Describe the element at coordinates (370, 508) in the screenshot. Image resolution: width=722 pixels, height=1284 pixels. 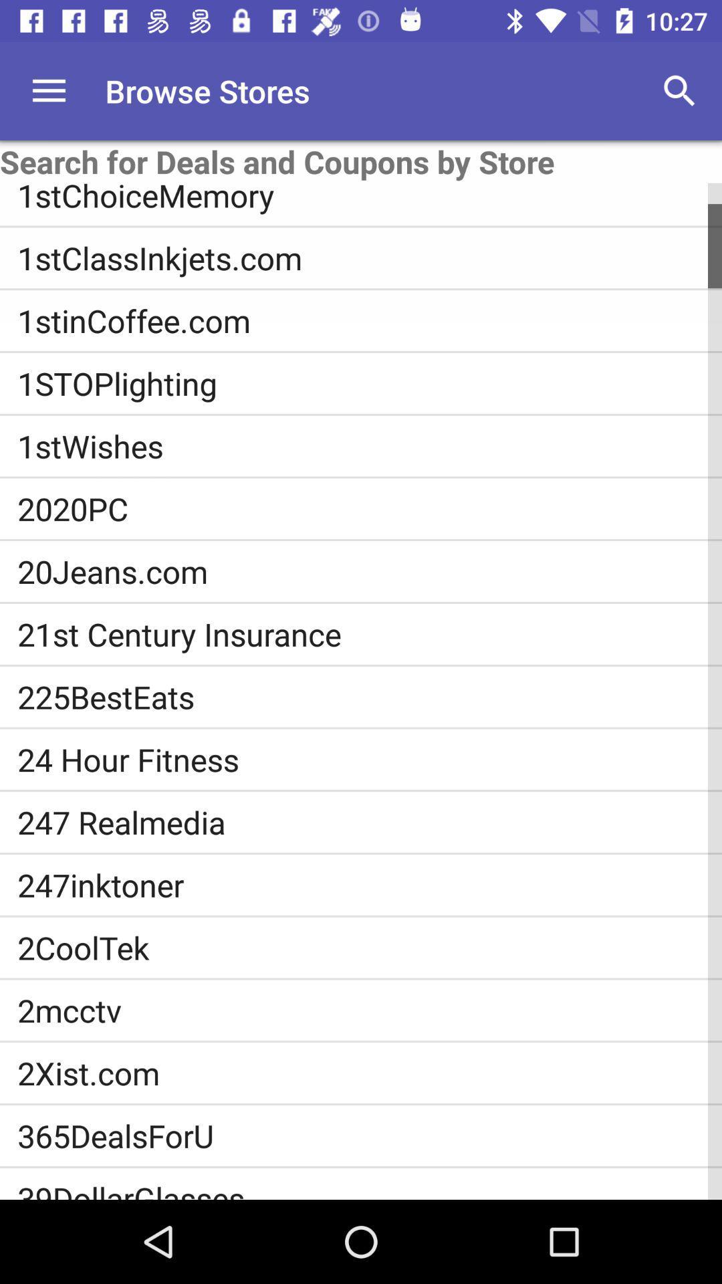
I see `the item below 1stwishes item` at that location.